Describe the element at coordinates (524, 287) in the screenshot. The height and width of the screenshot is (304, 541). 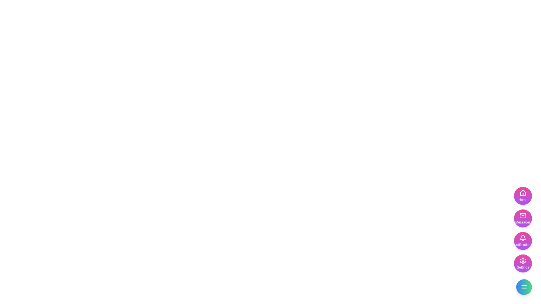
I see `the bottom circular Icon Button with a gradient background from blue to green` at that location.